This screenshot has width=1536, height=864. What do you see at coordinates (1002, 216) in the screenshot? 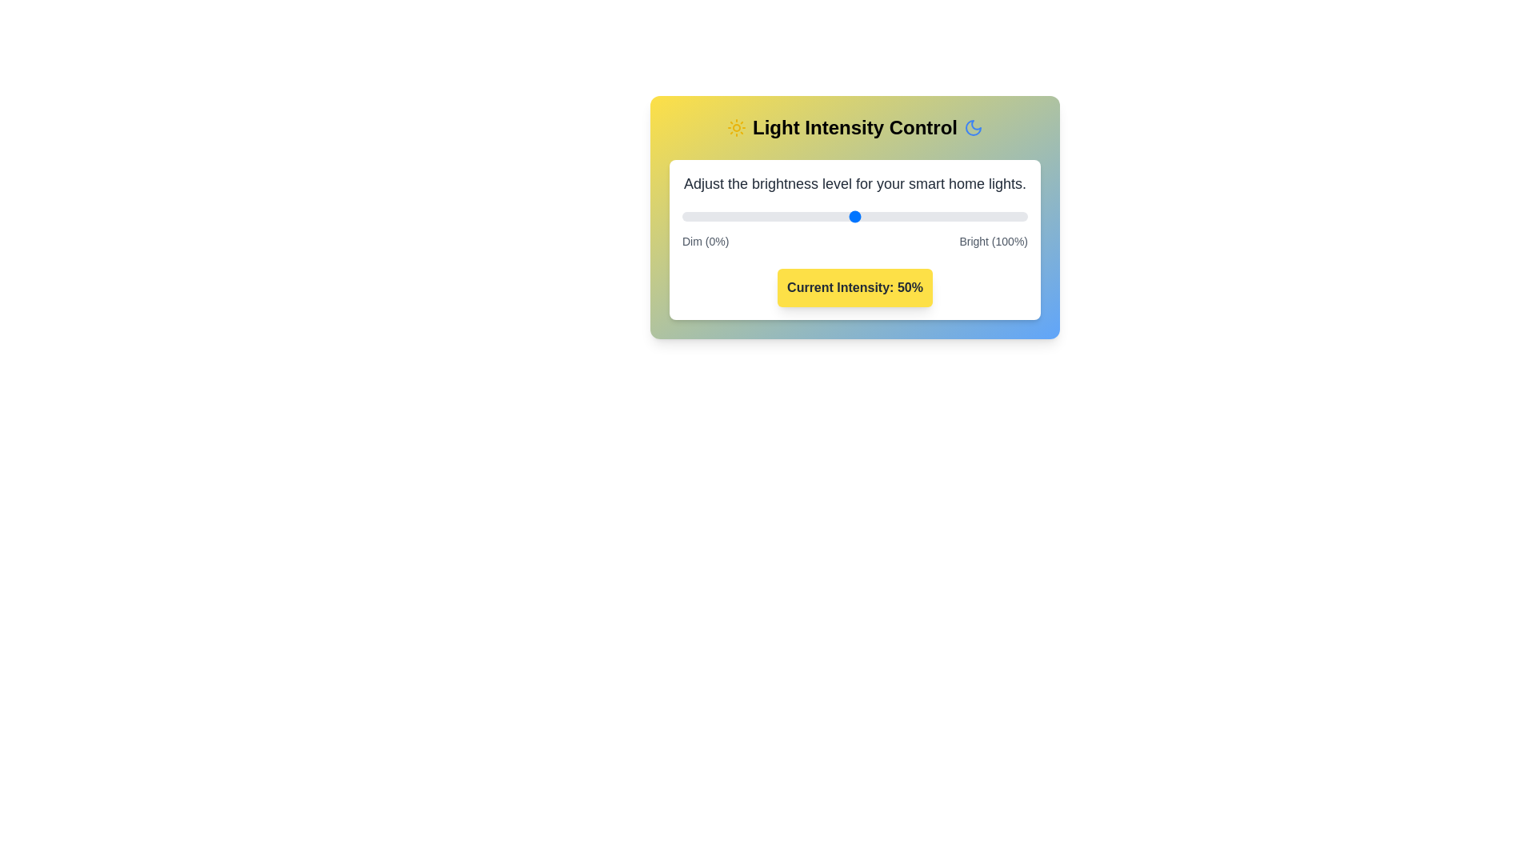
I see `the light intensity to 93% by moving the slider` at bounding box center [1002, 216].